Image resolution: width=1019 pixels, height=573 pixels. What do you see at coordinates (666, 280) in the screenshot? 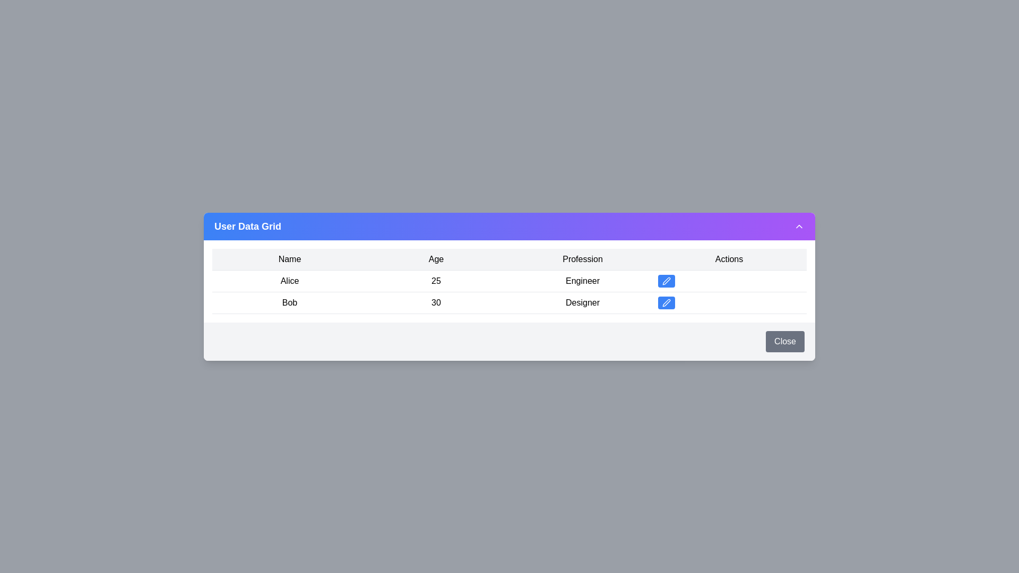
I see `the blue rectangular button with a white pen icon in the 'Actions' column for the individual 'Alice' to initiate the edit functionality` at bounding box center [666, 280].